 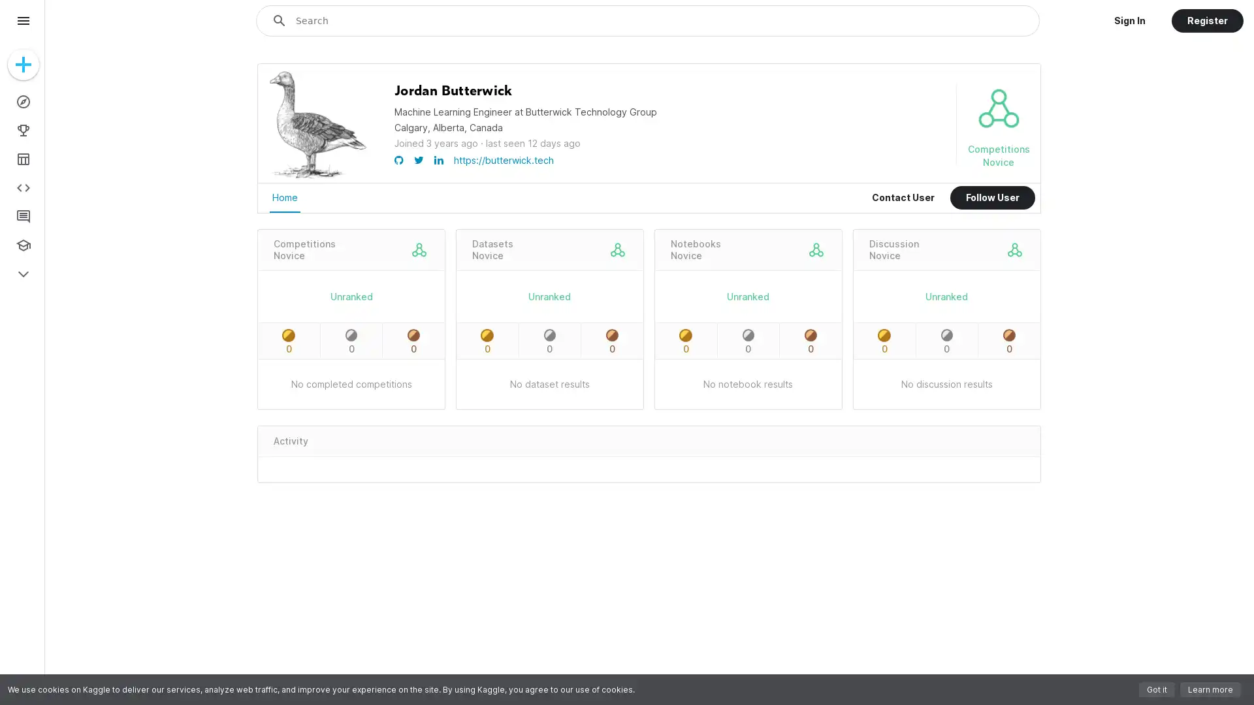 I want to click on Create, so click(x=23, y=65).